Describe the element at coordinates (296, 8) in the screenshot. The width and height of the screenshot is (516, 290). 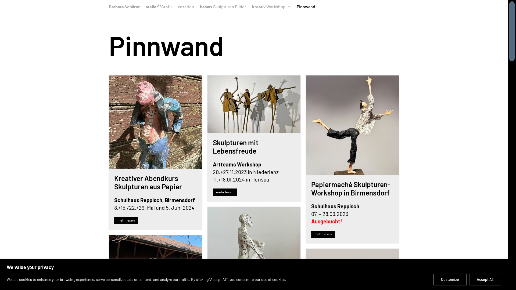
I see `'Pinnwand'` at that location.